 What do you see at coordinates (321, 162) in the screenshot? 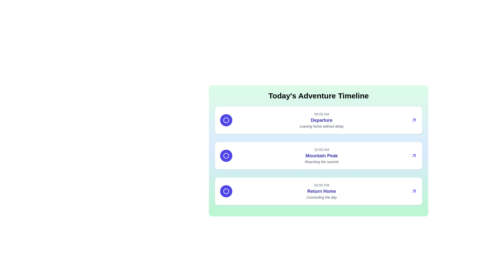
I see `the text label styled in smaller italicized gray text that contains the phrase 'Reaching the summit', located below the bold title 'Mountain Peak' in the middle card of the timeline` at bounding box center [321, 162].